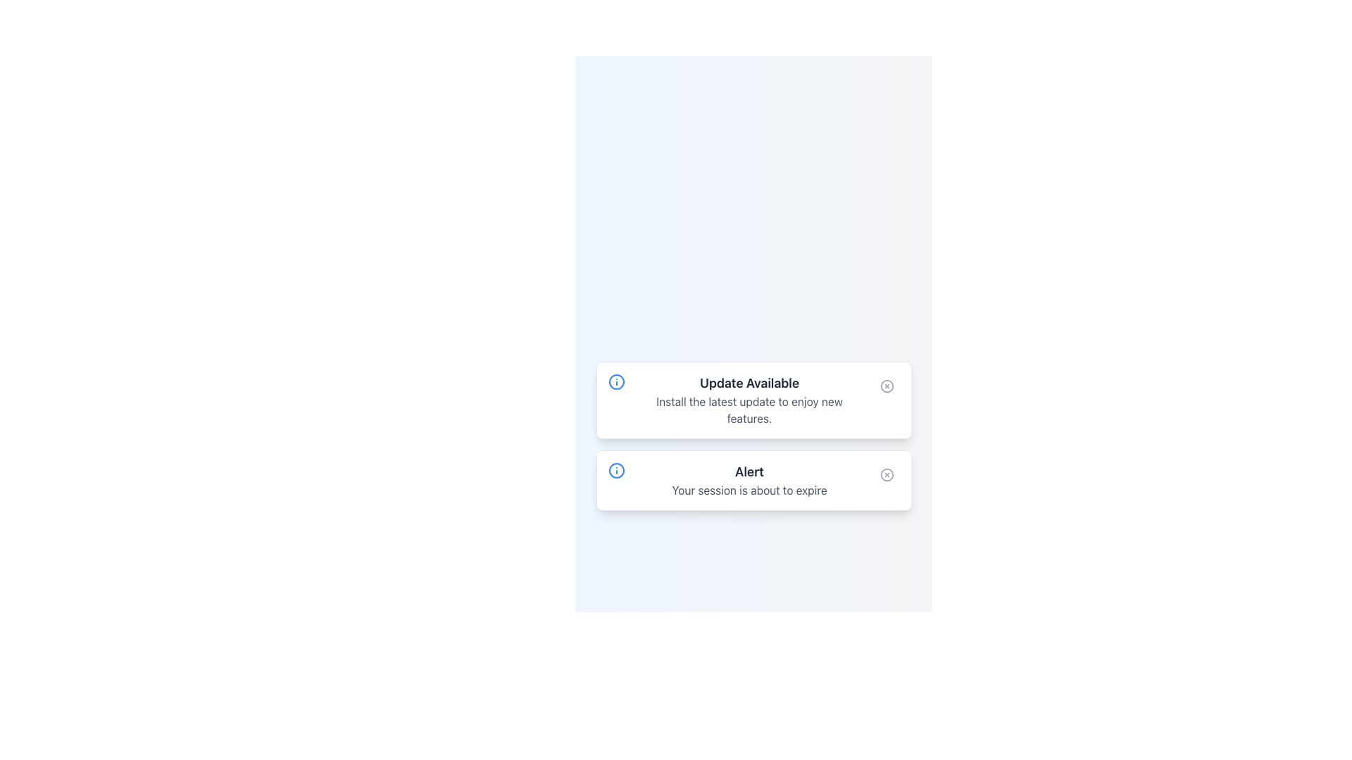  What do you see at coordinates (749, 479) in the screenshot?
I see `the informational alert card that displays 'Alert' and 'Your session is about to expire', located in the second card from the top` at bounding box center [749, 479].